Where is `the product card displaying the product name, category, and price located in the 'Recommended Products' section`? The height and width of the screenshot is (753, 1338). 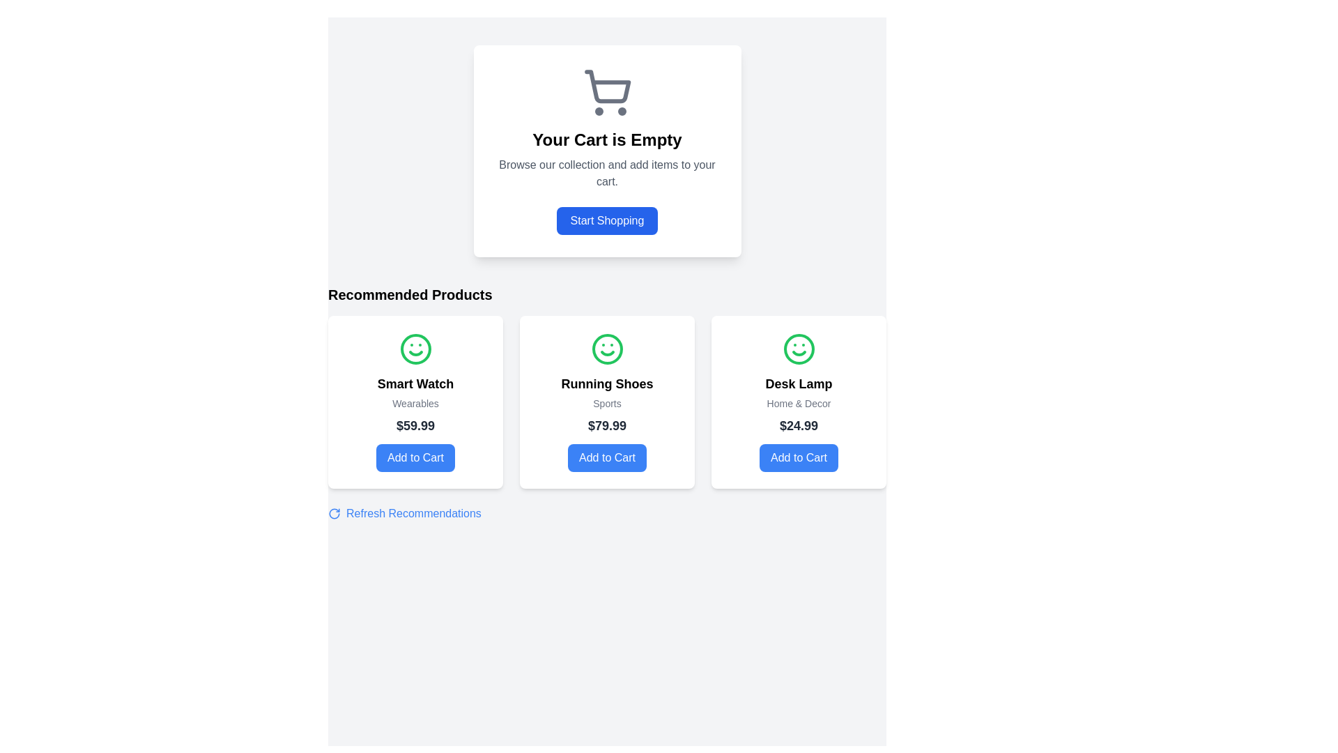
the product card displaying the product name, category, and price located in the 'Recommended Products' section is located at coordinates (607, 402).